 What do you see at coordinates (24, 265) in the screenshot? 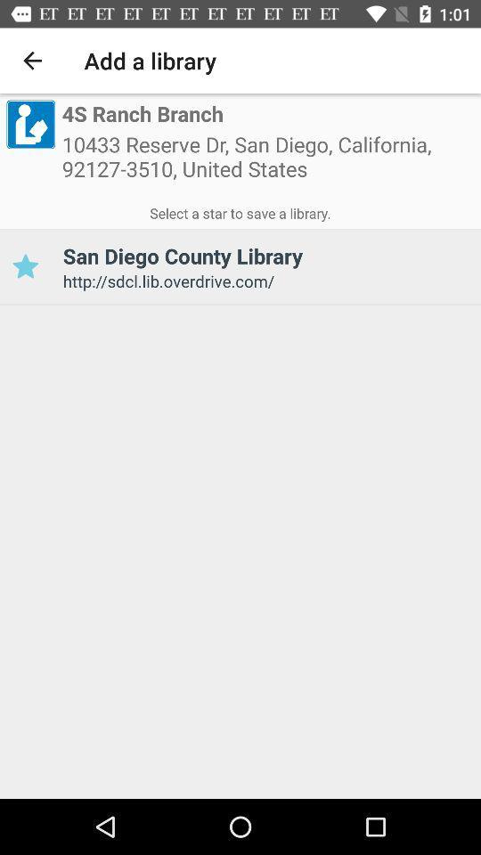
I see `icon next to san diego county item` at bounding box center [24, 265].